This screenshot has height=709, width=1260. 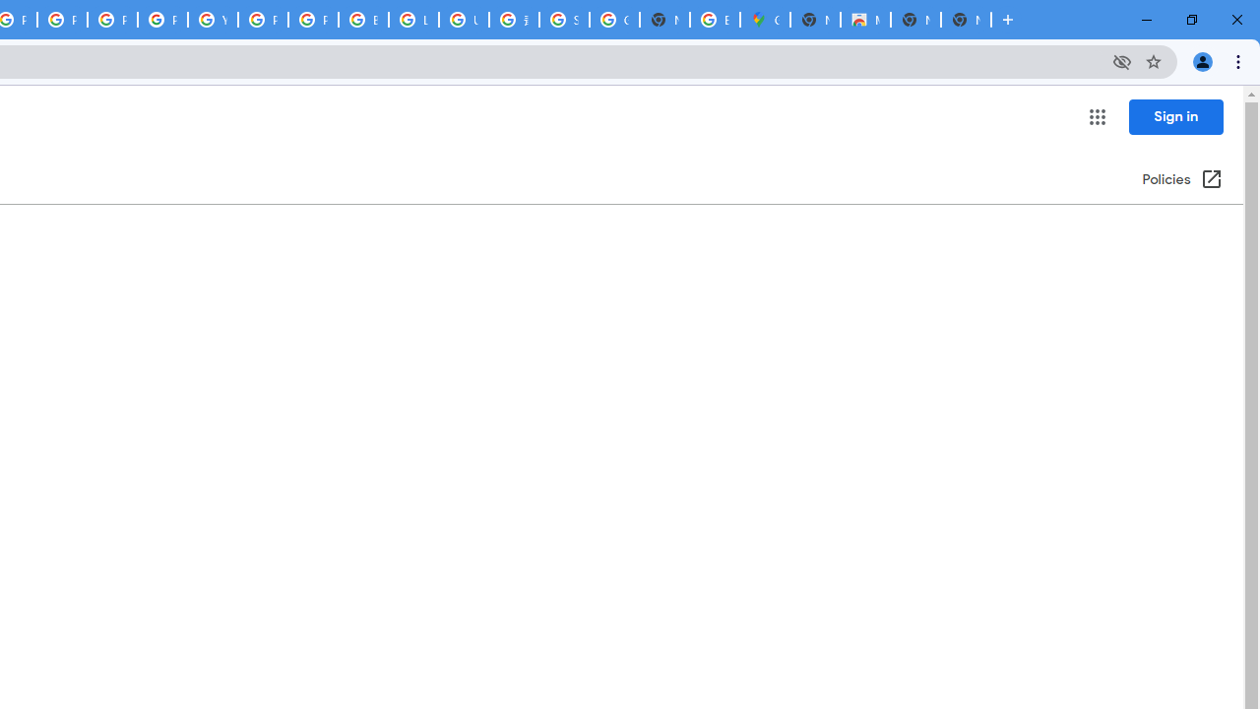 I want to click on 'YouTube', so click(x=213, y=20).